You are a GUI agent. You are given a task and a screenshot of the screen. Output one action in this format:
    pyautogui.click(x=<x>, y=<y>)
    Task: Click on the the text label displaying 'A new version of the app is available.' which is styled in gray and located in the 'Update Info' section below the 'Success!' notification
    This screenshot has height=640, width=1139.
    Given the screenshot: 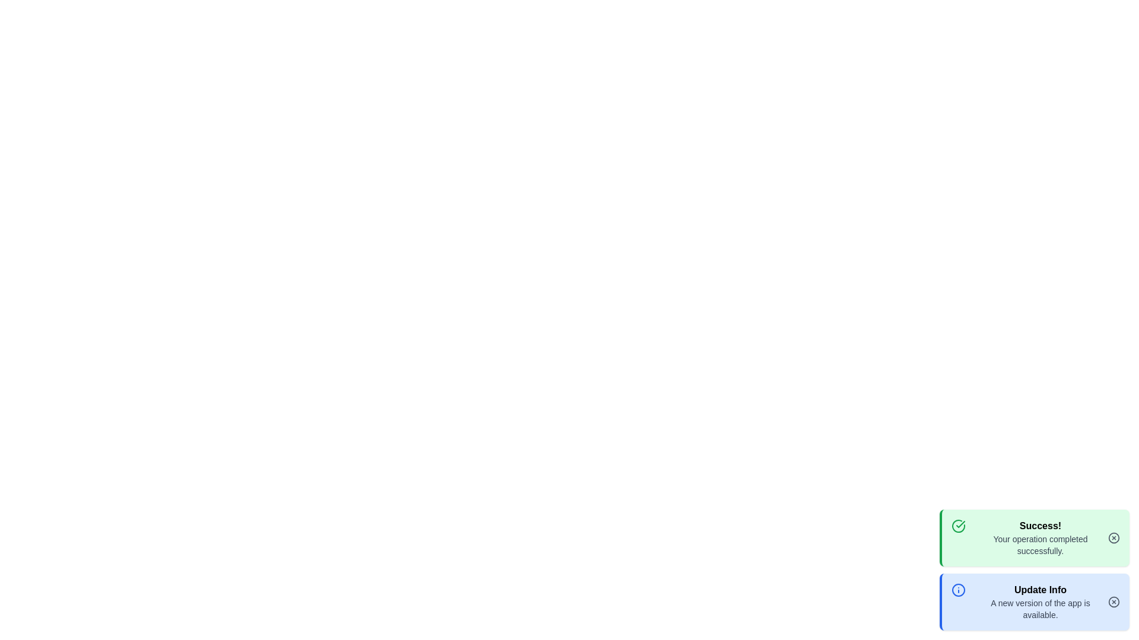 What is the action you would take?
    pyautogui.click(x=1039, y=609)
    